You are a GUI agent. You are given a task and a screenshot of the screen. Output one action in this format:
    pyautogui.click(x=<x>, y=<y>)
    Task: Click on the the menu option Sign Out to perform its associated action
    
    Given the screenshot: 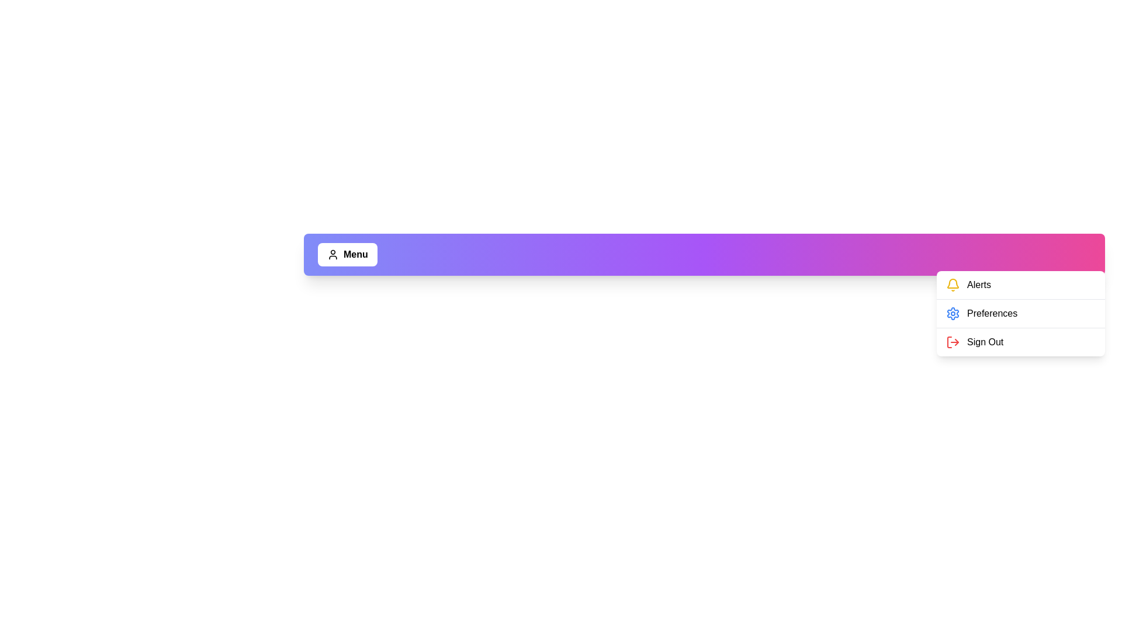 What is the action you would take?
    pyautogui.click(x=950, y=342)
    